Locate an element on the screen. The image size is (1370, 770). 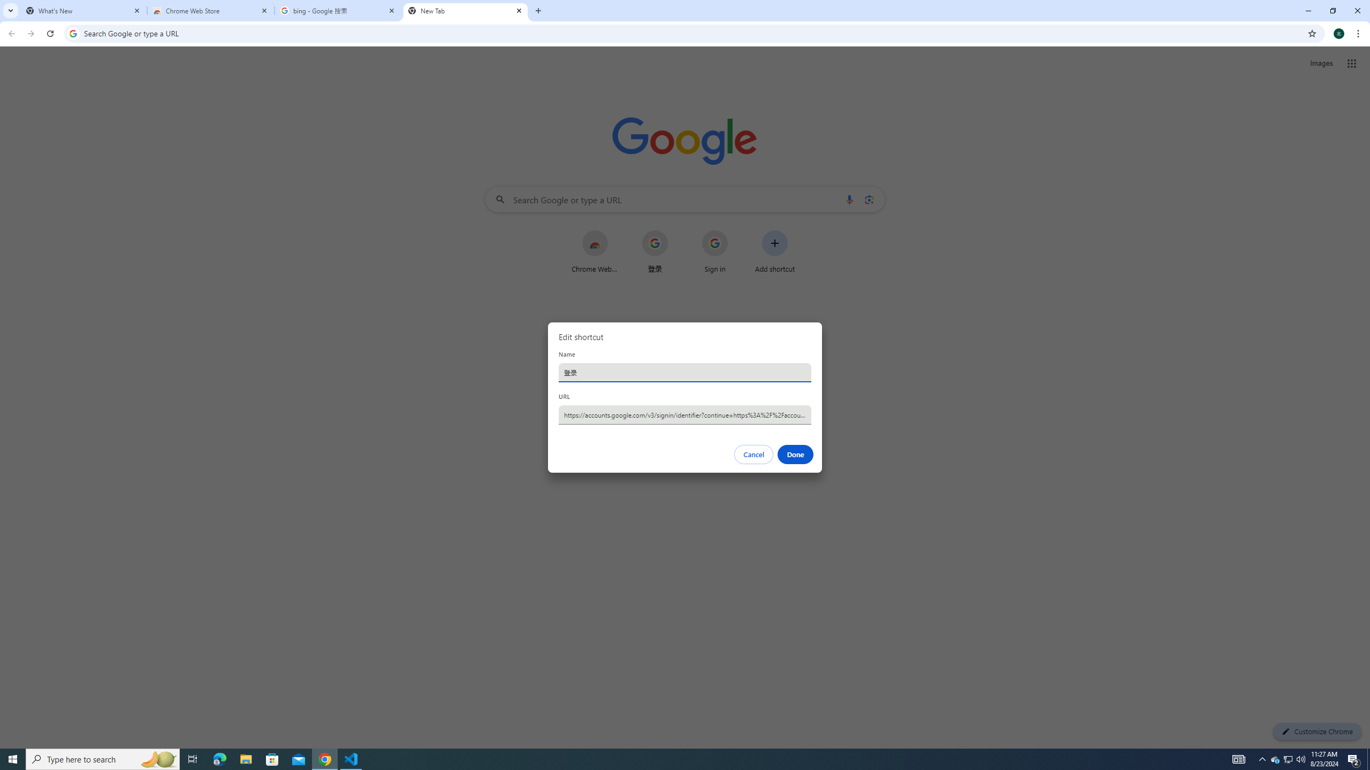
'URL' is located at coordinates (685, 414).